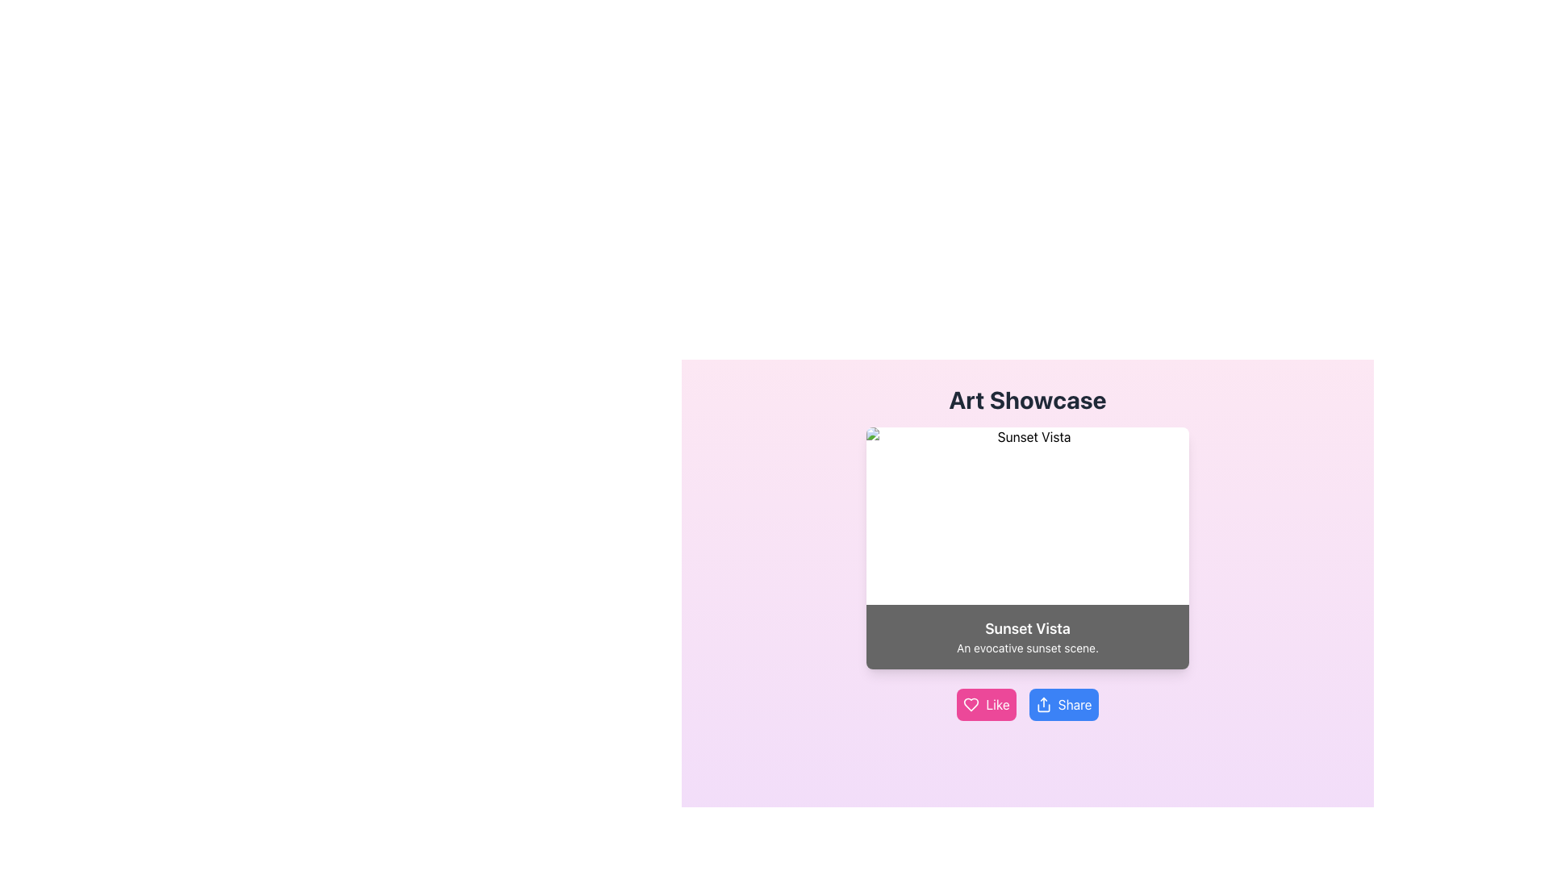 The height and width of the screenshot is (871, 1549). What do you see at coordinates (986, 704) in the screenshot?
I see `the 'Like' button, which is the first button in the horizontal group located under the artwork description` at bounding box center [986, 704].